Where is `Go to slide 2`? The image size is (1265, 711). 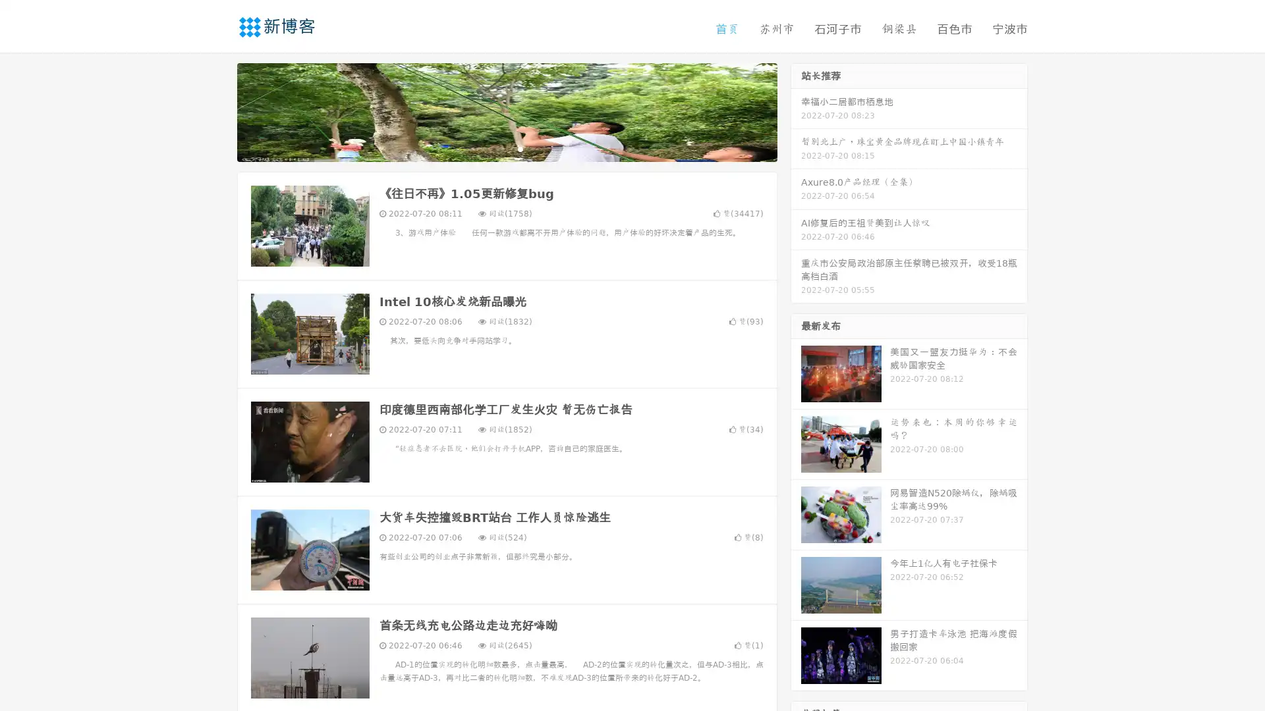 Go to slide 2 is located at coordinates (506, 148).